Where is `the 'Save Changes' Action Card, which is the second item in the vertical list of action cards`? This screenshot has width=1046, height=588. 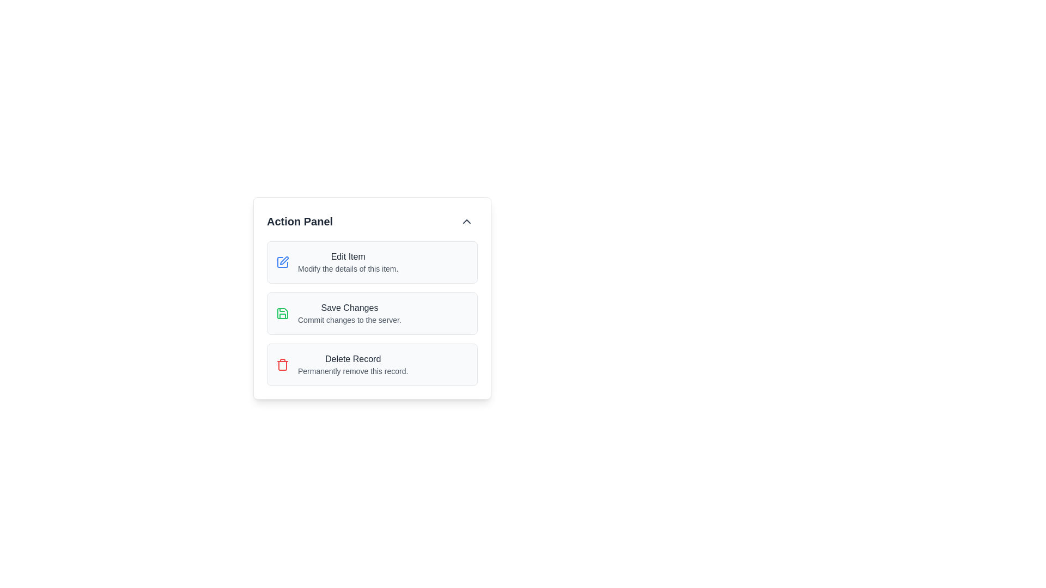
the 'Save Changes' Action Card, which is the second item in the vertical list of action cards is located at coordinates (372, 313).